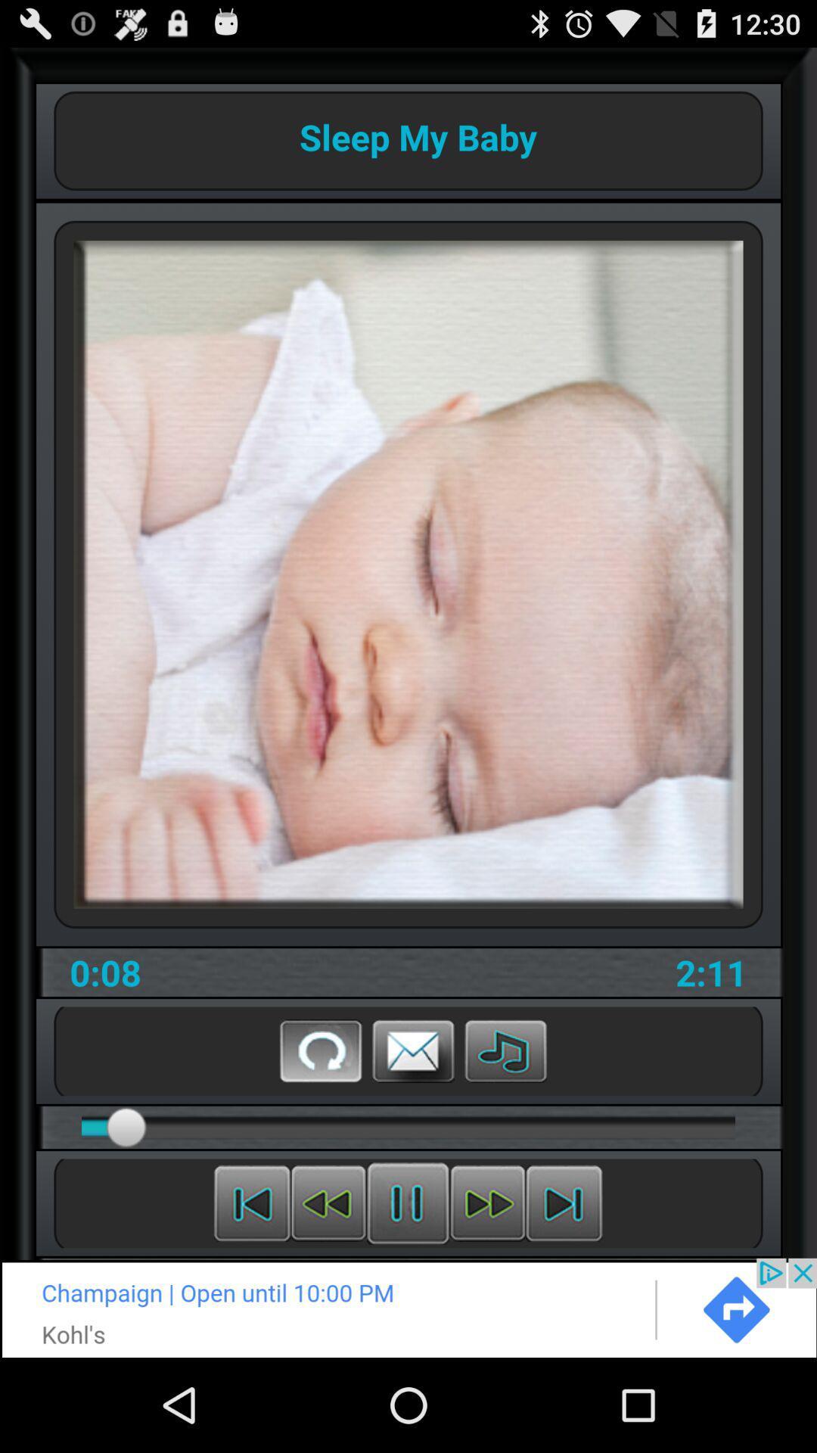 This screenshot has width=817, height=1453. What do you see at coordinates (408, 1307) in the screenshot?
I see `open advertisement` at bounding box center [408, 1307].